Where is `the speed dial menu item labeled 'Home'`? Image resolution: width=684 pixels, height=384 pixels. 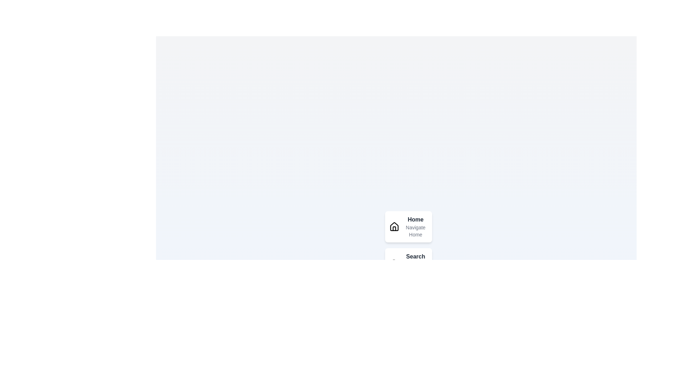 the speed dial menu item labeled 'Home' is located at coordinates (394, 226).